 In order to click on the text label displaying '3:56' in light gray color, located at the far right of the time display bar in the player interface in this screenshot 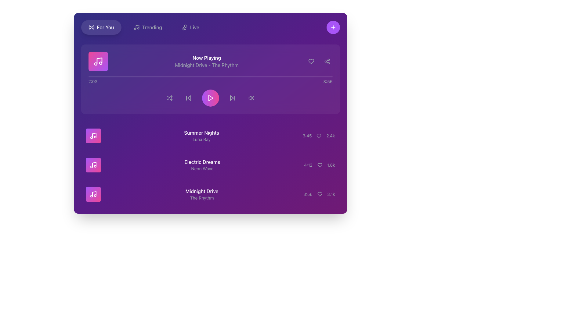, I will do `click(327, 81)`.